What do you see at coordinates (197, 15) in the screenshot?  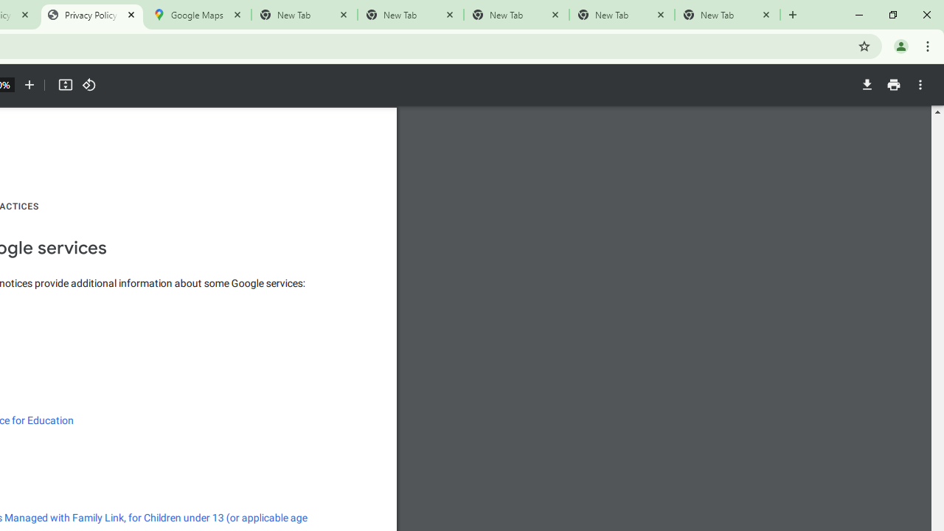 I see `'Google Maps'` at bounding box center [197, 15].